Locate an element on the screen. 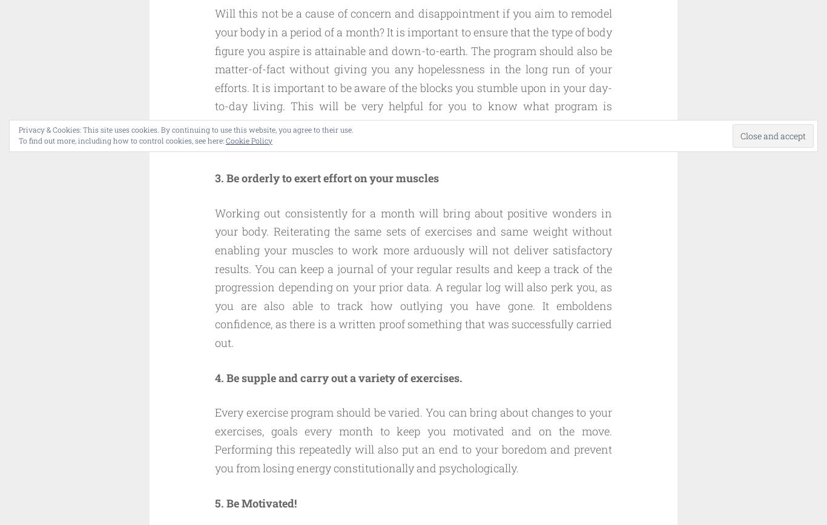  'Privacy & Cookies: This site uses cookies. By continuing to use this website, you agree to their use.' is located at coordinates (186, 129).